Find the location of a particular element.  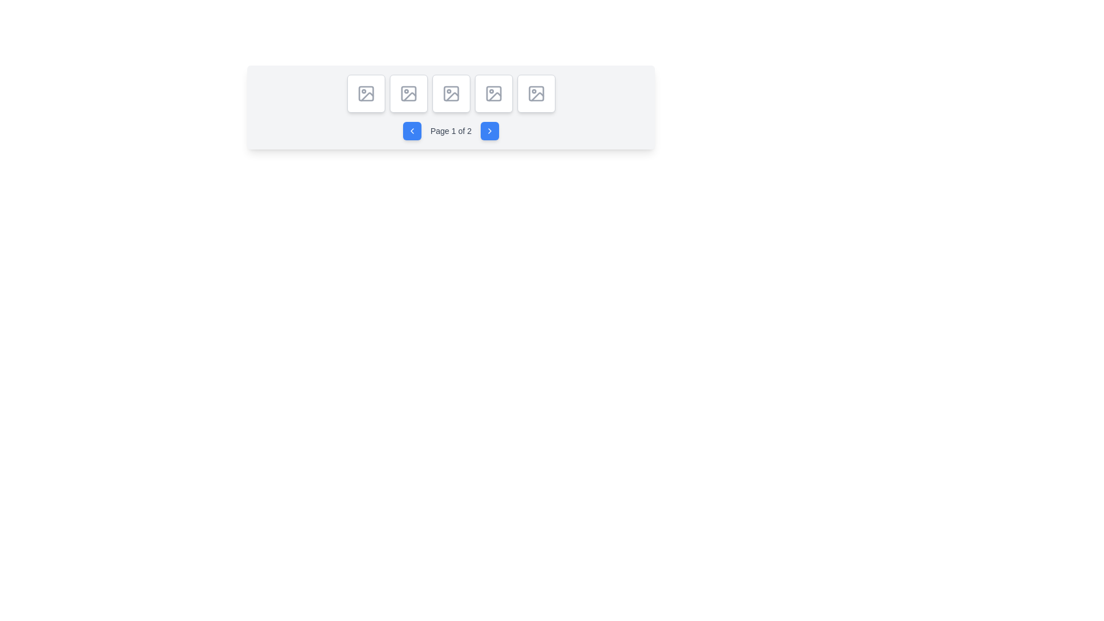

the gray diagonal line icon with a circular shape connected, which is the fifth icon in the top center navigation bar is located at coordinates (536, 96).